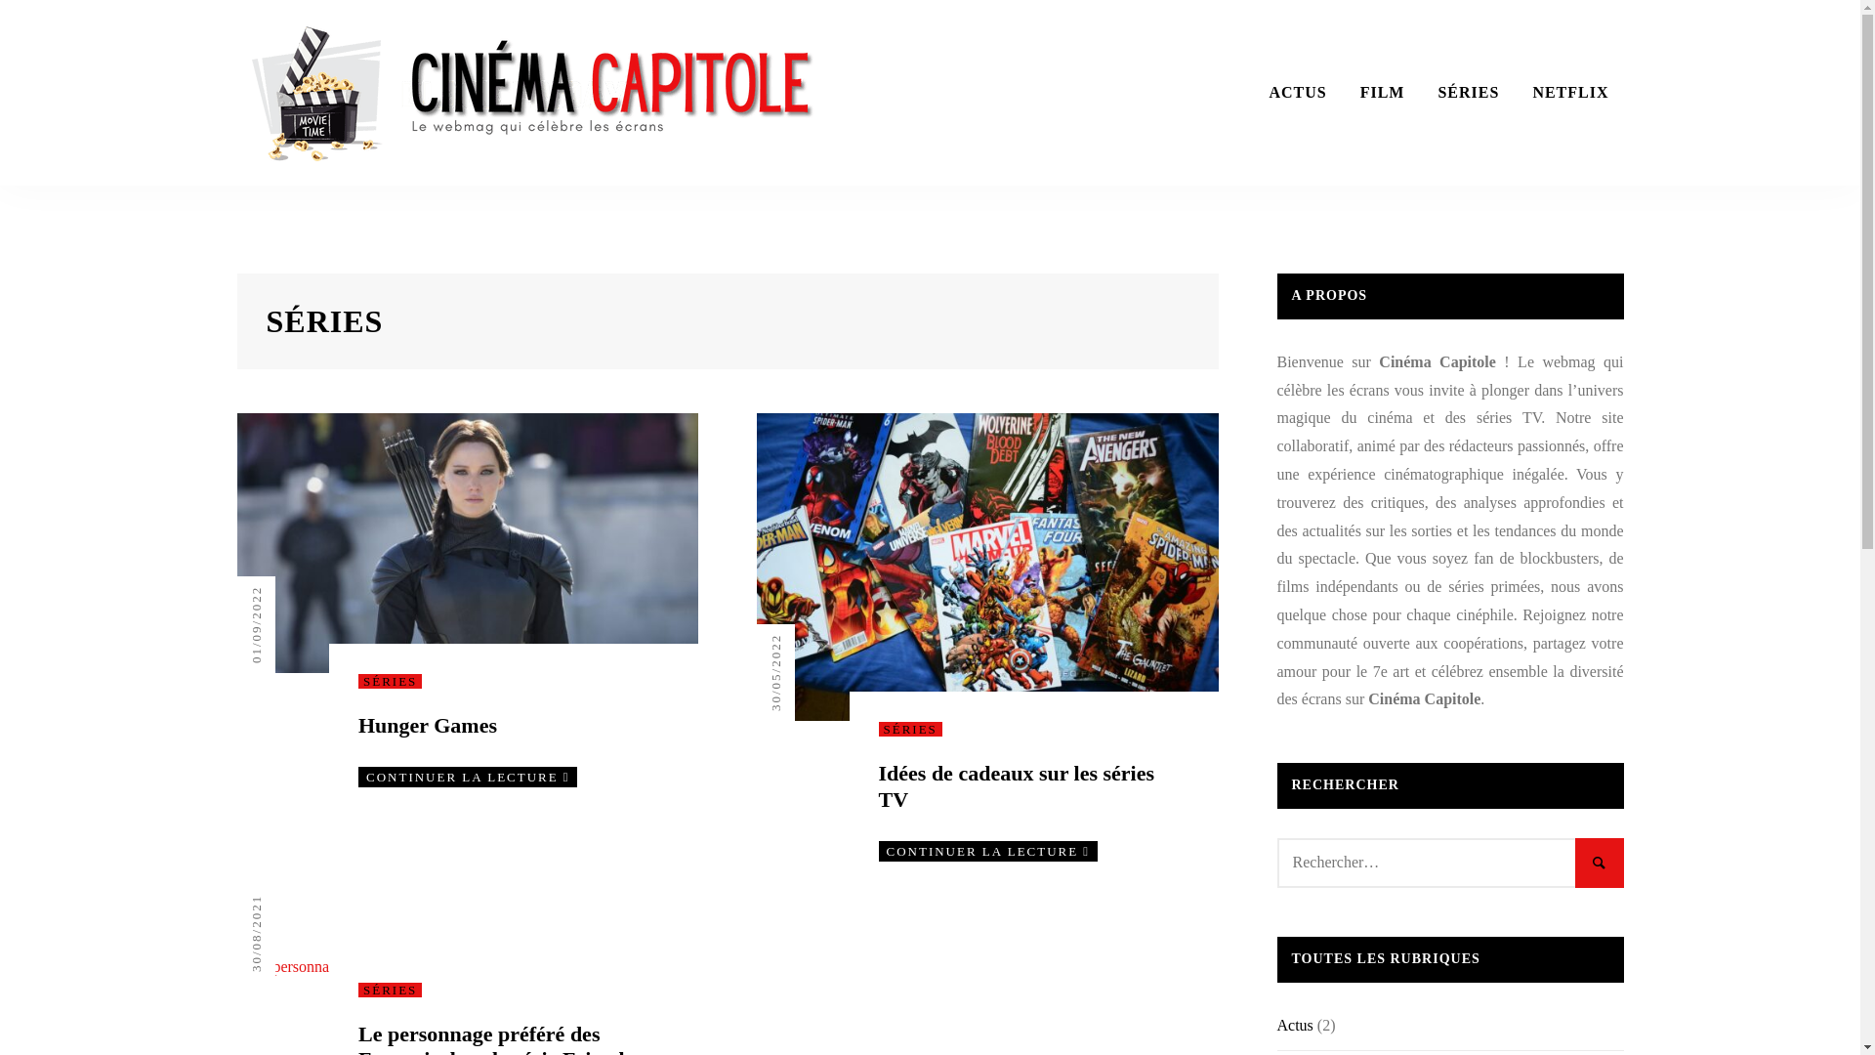 Image resolution: width=1875 pixels, height=1055 pixels. What do you see at coordinates (1295, 1024) in the screenshot?
I see `'Actus'` at bounding box center [1295, 1024].